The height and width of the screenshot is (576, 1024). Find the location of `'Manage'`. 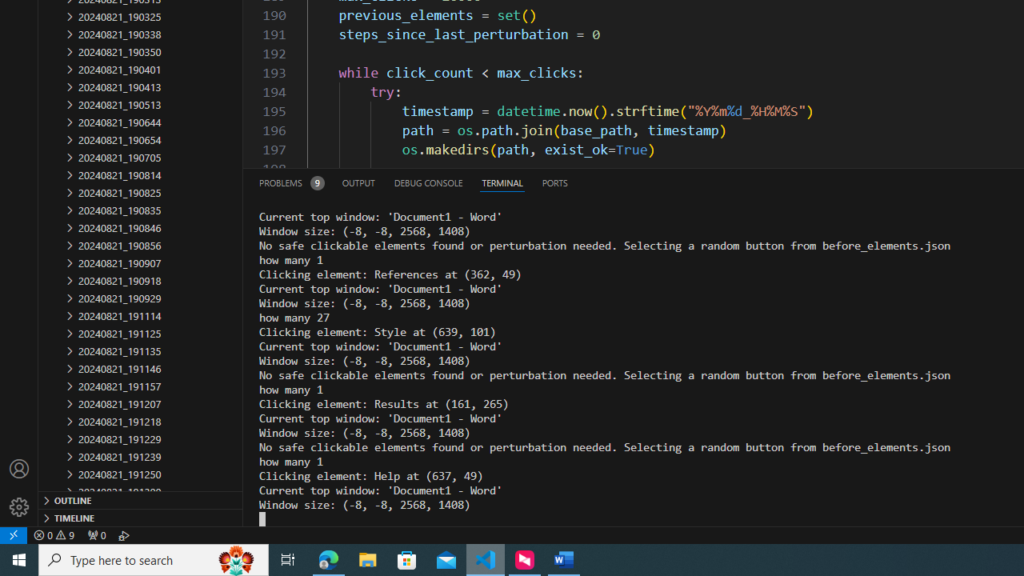

'Manage' is located at coordinates (19, 506).